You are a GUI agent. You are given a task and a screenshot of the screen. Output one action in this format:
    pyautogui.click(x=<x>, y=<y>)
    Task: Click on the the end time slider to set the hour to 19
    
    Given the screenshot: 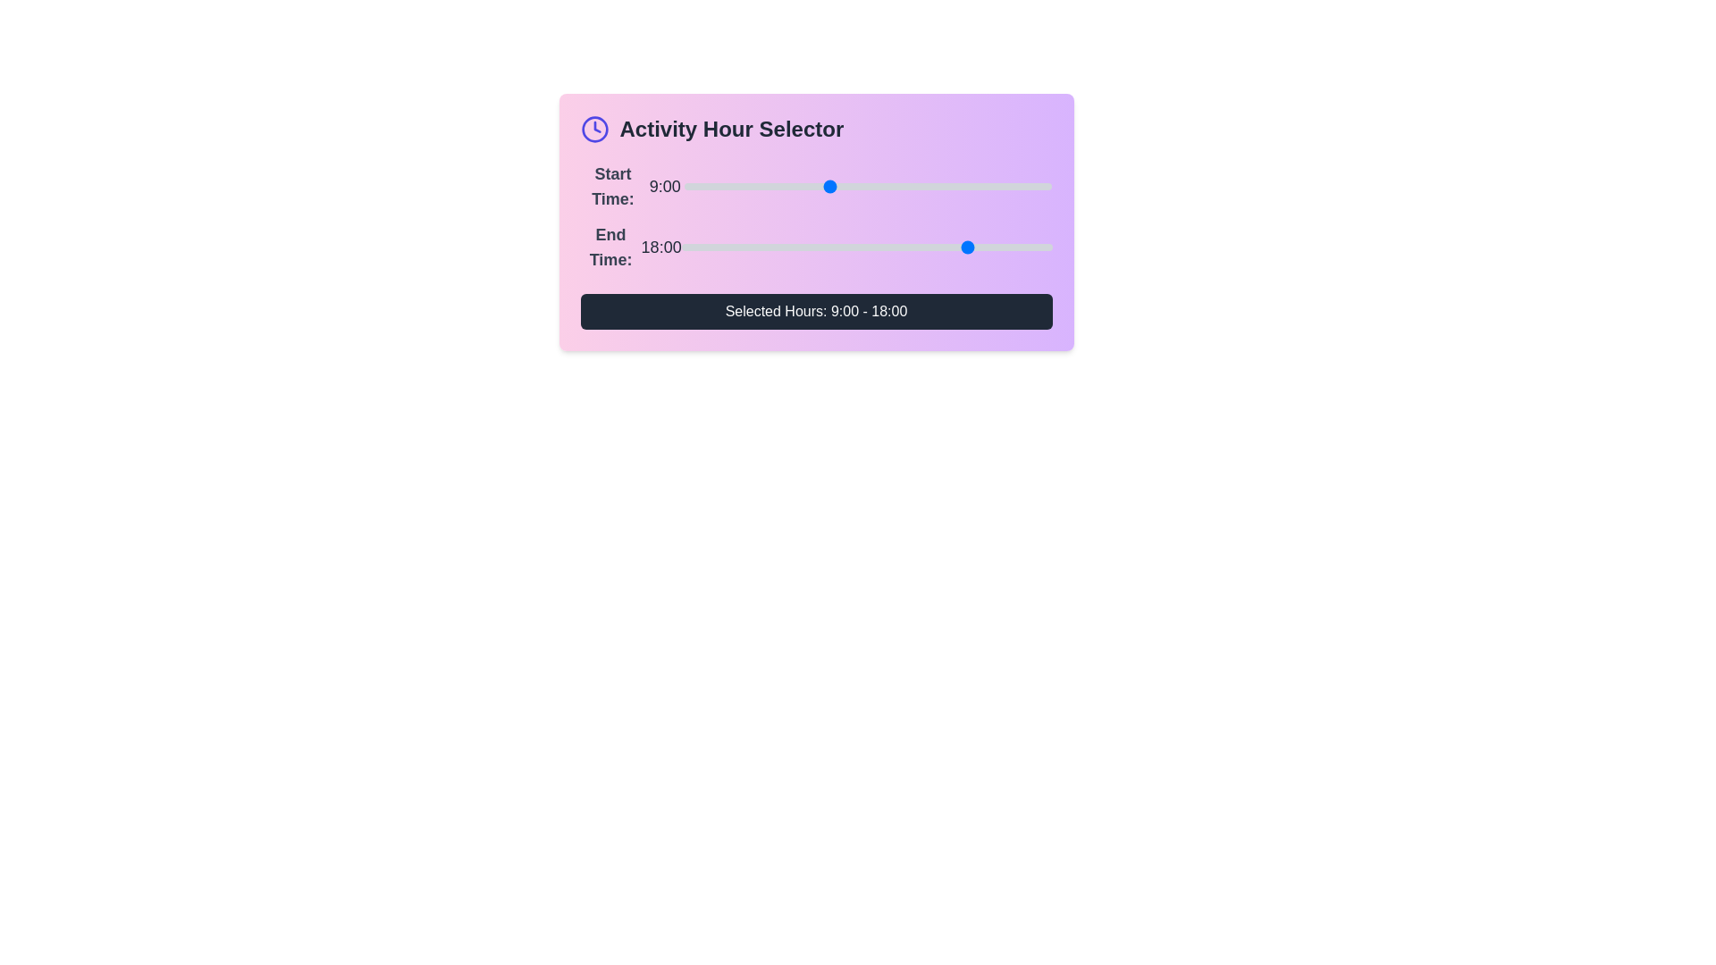 What is the action you would take?
    pyautogui.click(x=987, y=248)
    